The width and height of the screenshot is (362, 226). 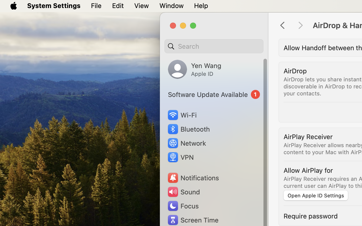 I want to click on 'Focus', so click(x=183, y=206).